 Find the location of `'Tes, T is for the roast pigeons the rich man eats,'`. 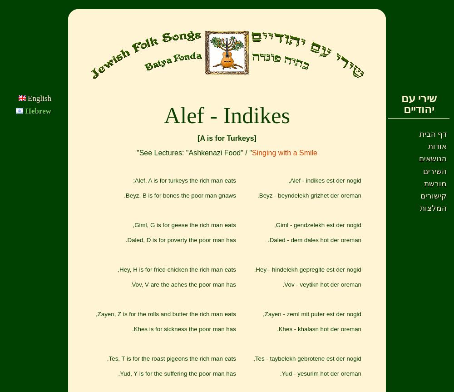

'Tes, T is for the roast pigeons the rich man eats,' is located at coordinates (106, 358).